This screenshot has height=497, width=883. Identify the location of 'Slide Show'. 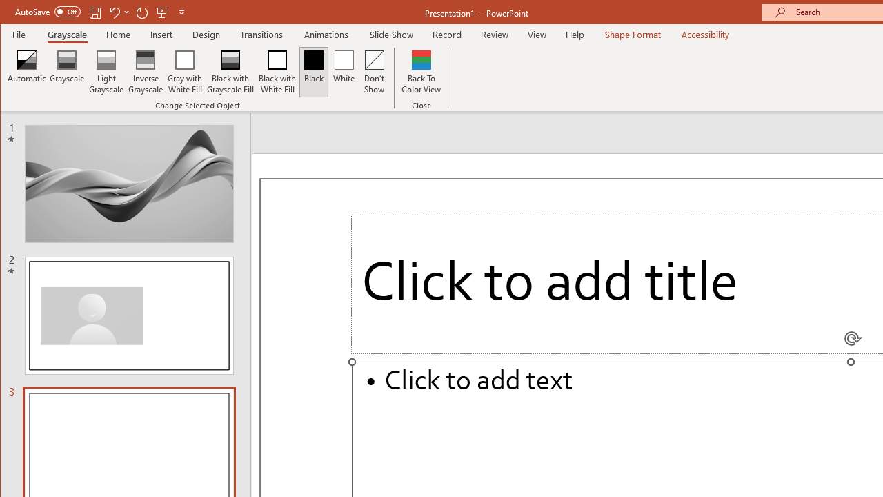
(390, 34).